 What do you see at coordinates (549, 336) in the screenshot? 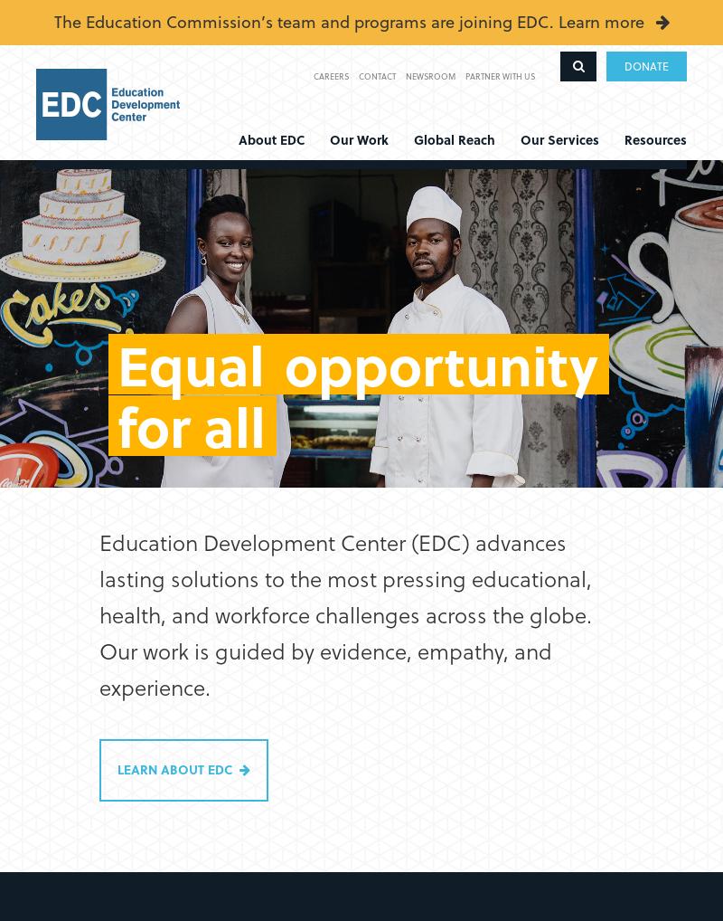
I see `'Out-of-School Learning'` at bounding box center [549, 336].